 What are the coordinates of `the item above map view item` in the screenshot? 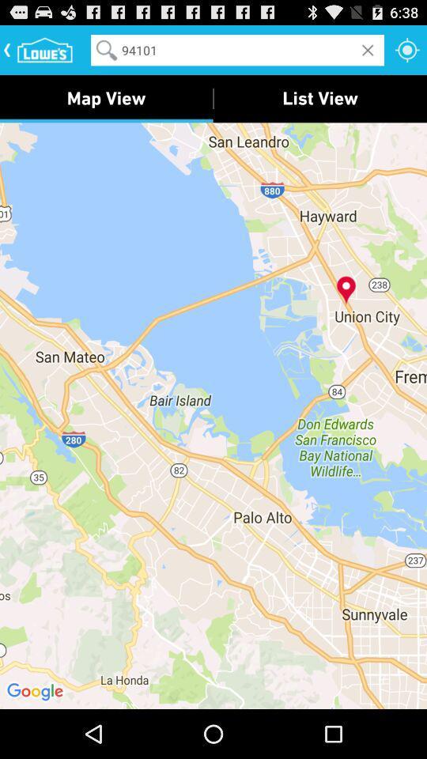 It's located at (236, 50).